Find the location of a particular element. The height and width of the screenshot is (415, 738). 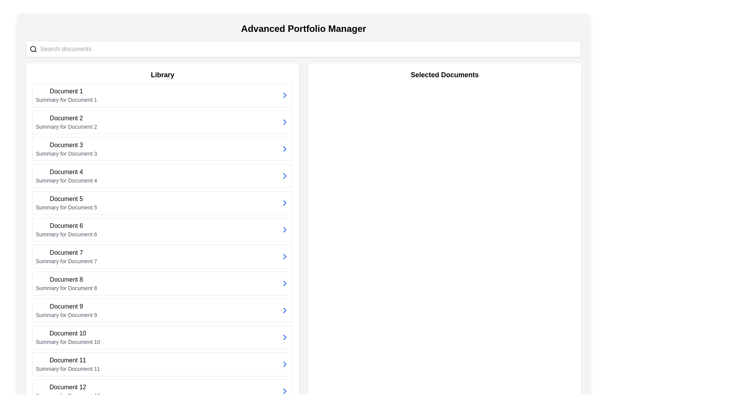

the rightward arrow icon with a thin blue outline located adjacent to a document entry in the library section is located at coordinates (284, 256).